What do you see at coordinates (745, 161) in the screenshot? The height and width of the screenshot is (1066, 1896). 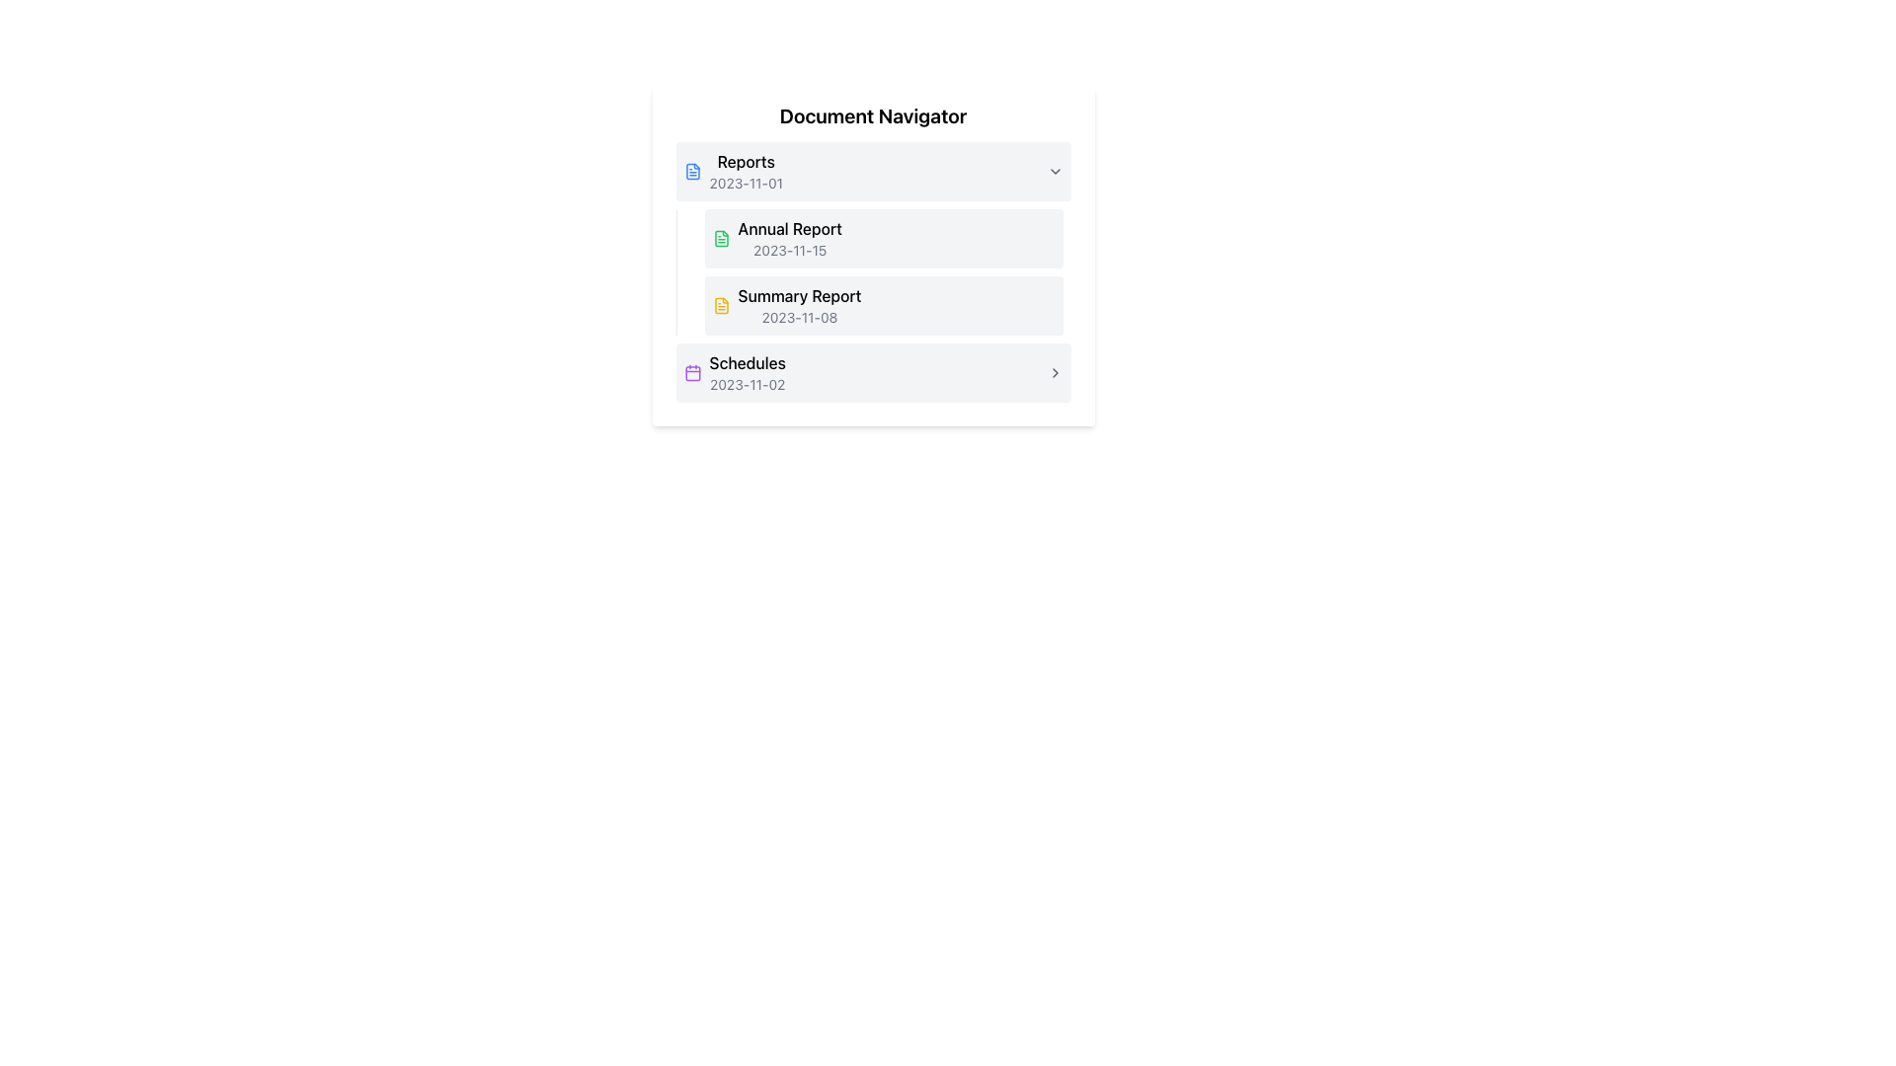 I see `the non-interactive label displaying 'Reports' located at the top-center of the interface` at bounding box center [745, 161].